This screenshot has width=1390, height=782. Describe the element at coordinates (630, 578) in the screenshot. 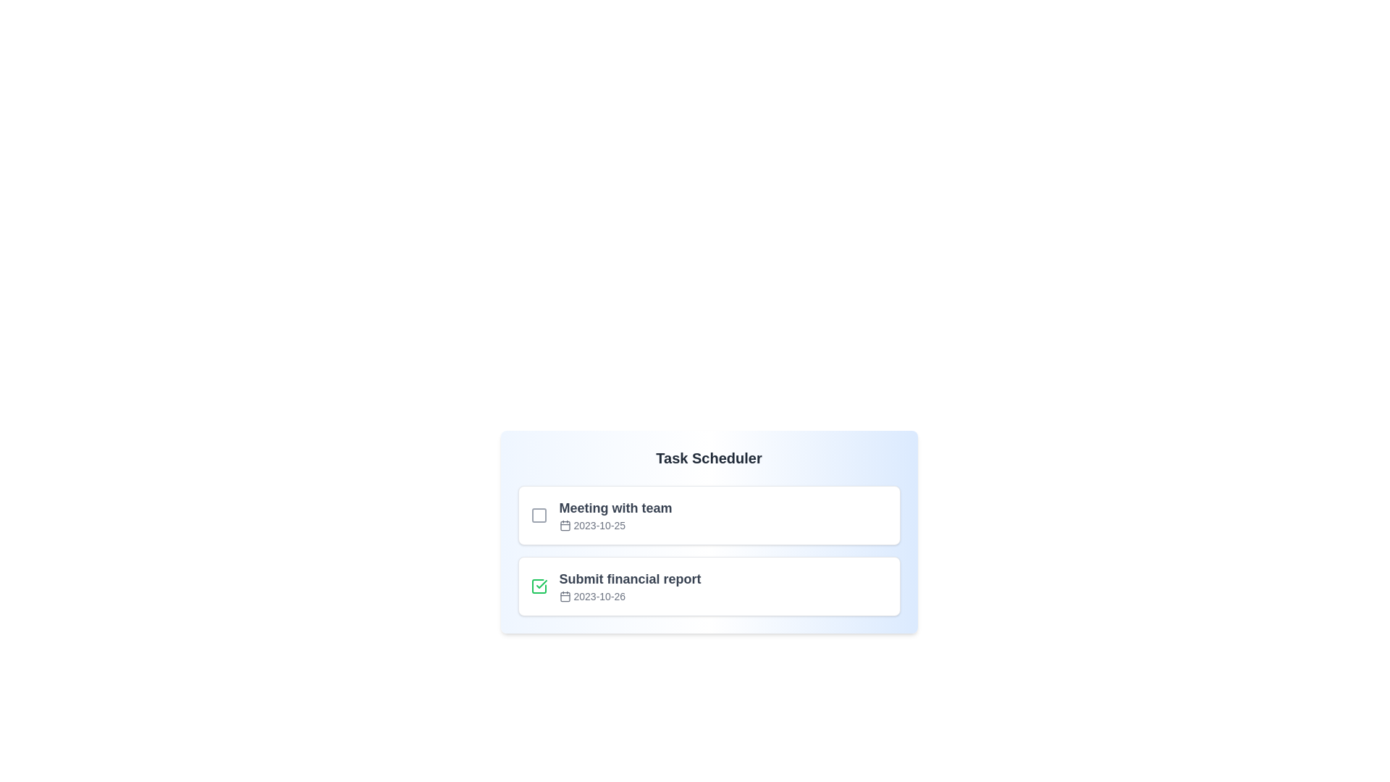

I see `text element displaying 'Submit financial report', which is styled in bold and larger font, located within the second task card under the 'Task Scheduler' heading` at that location.